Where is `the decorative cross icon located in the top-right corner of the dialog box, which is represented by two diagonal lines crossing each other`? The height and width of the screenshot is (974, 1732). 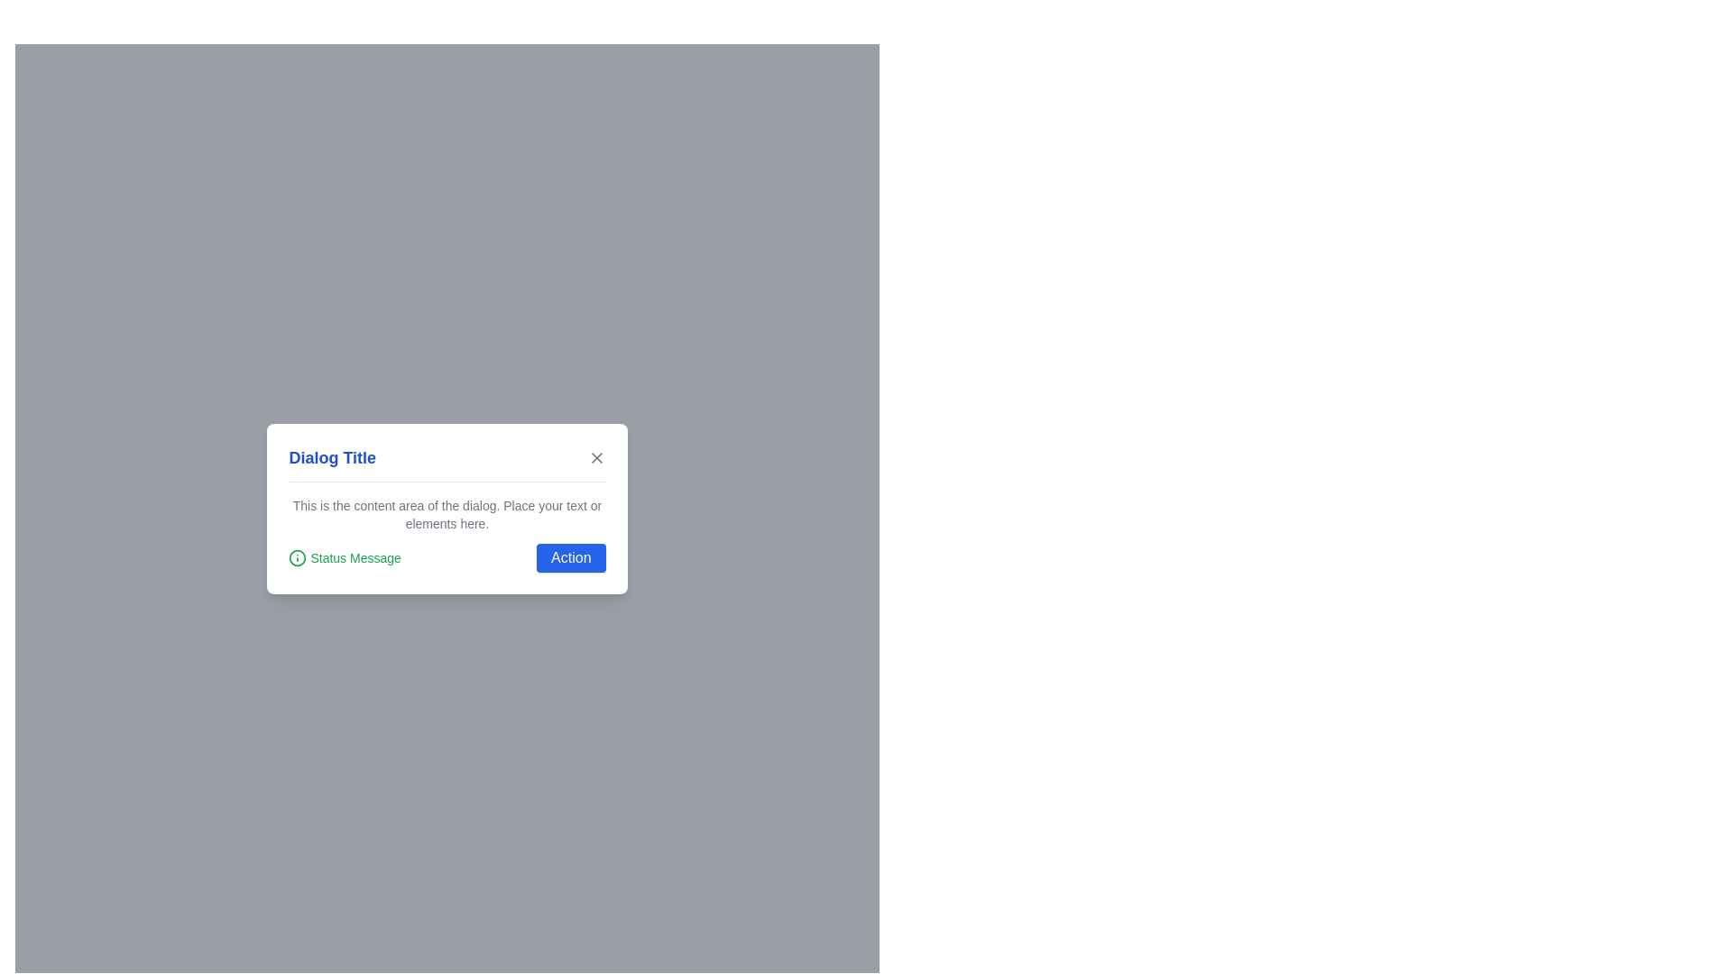 the decorative cross icon located in the top-right corner of the dialog box, which is represented by two diagonal lines crossing each other is located at coordinates (596, 456).